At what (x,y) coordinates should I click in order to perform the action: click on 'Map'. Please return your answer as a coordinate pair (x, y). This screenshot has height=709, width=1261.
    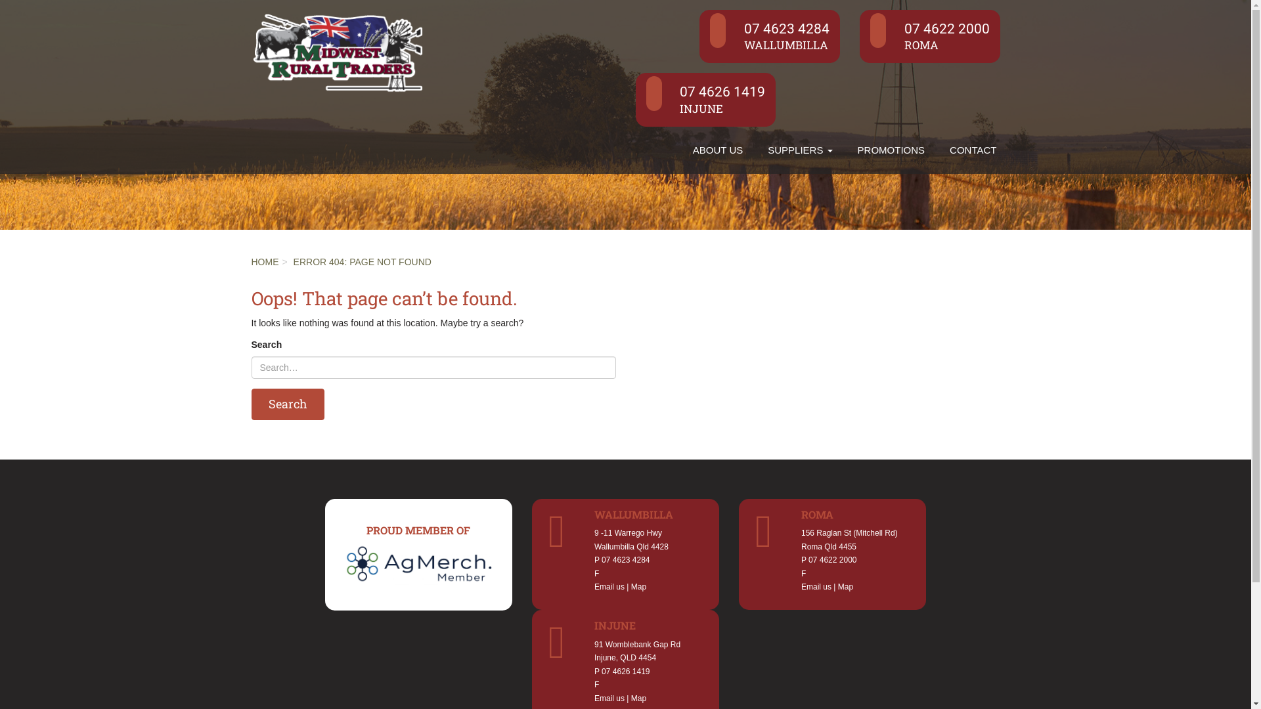
    Looking at the image, I should click on (638, 586).